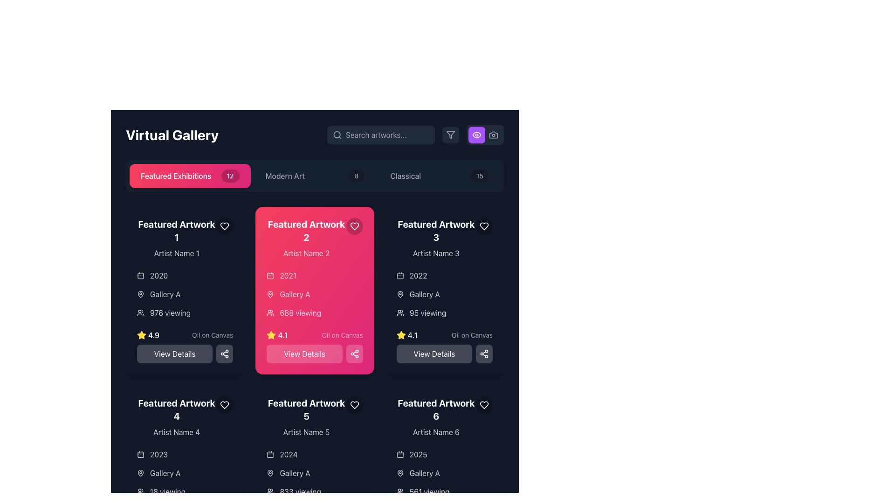  I want to click on the text element that reads '561 viewing,' located beneath the 'Gallery A' label in the dark-themed interface of the sixth artwork in the 'Featured Artwork' grid, so click(444, 491).